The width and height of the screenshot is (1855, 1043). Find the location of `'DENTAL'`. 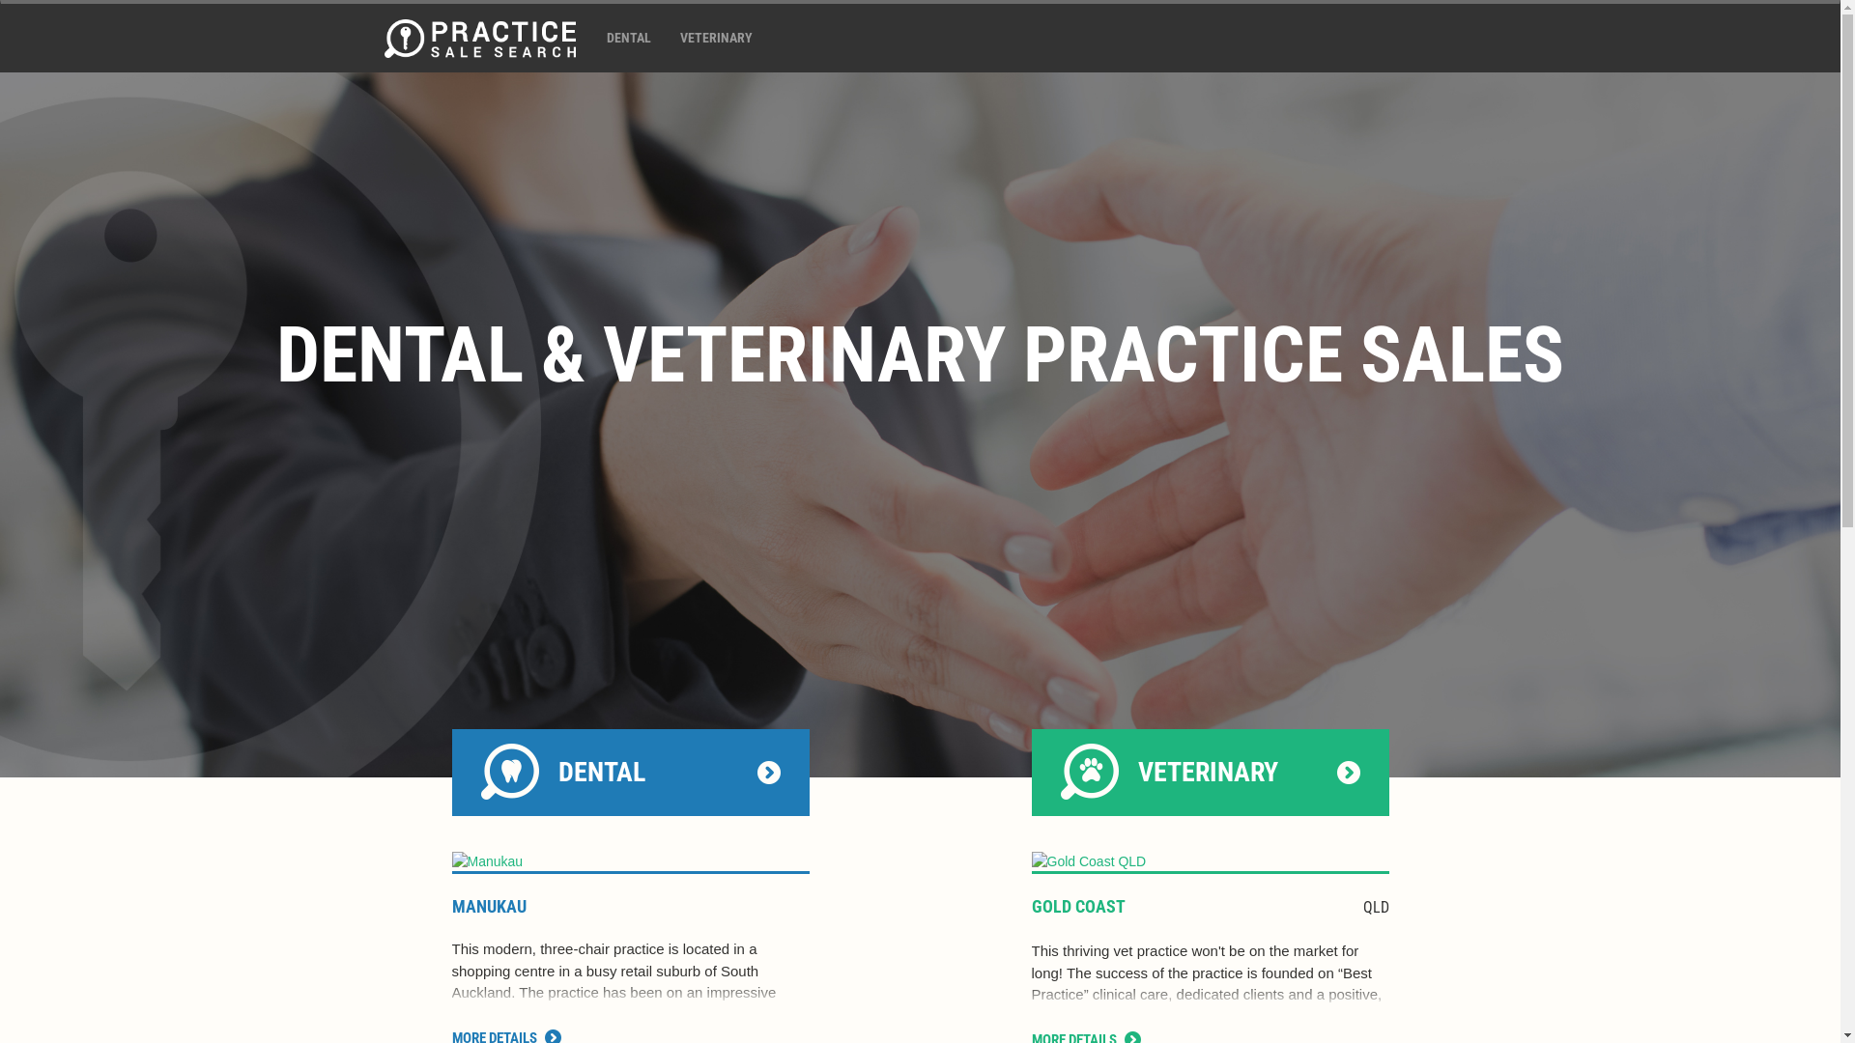

'DENTAL' is located at coordinates (627, 37).